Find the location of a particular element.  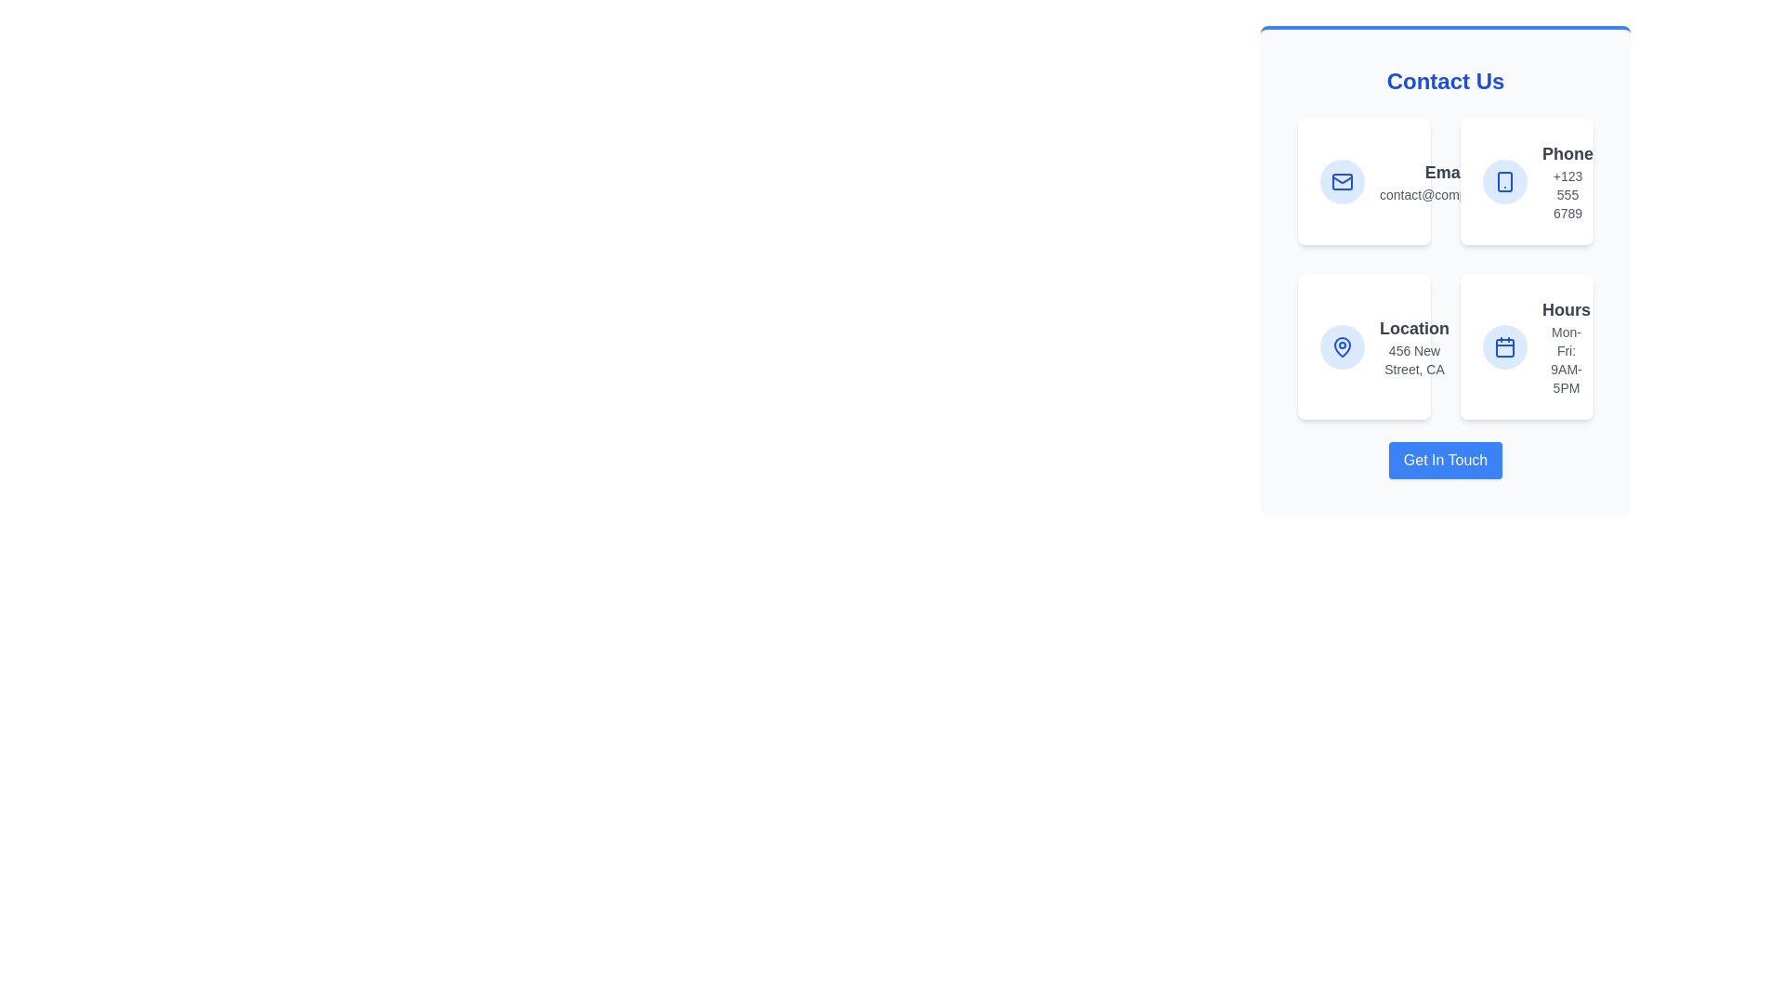

the 'Contact Us' button located in the contact information panel to observe visual feedback is located at coordinates (1444, 460).